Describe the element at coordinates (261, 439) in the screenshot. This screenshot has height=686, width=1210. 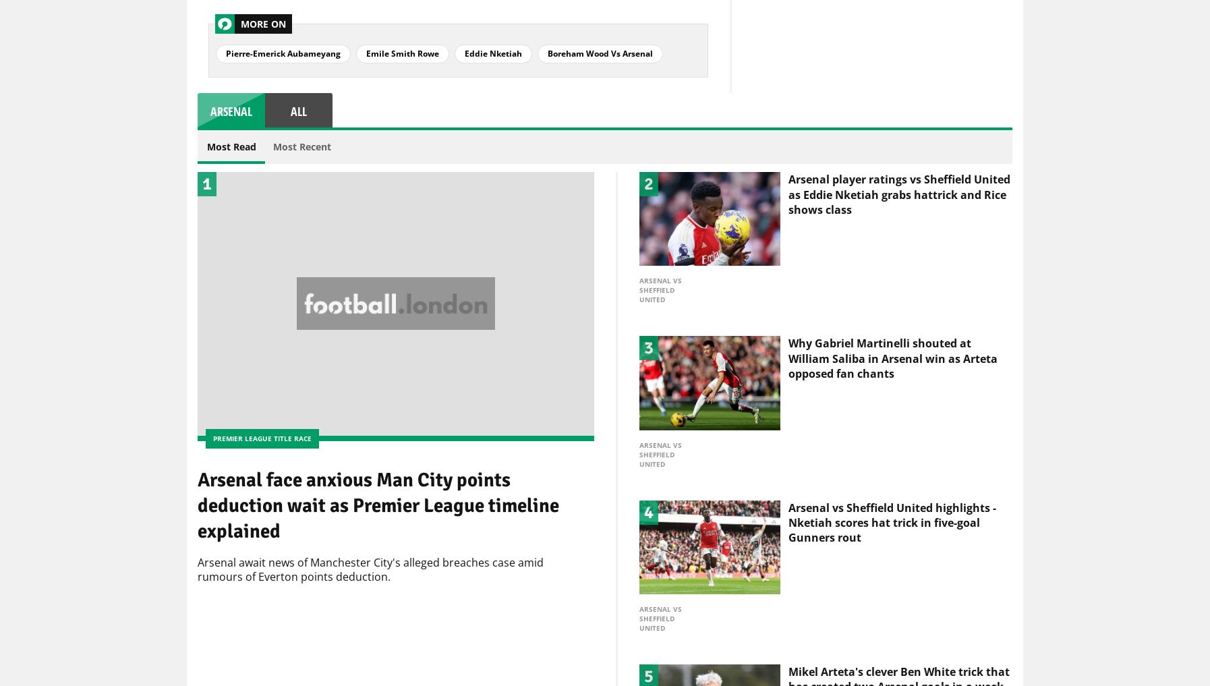
I see `'Premier League title race'` at that location.